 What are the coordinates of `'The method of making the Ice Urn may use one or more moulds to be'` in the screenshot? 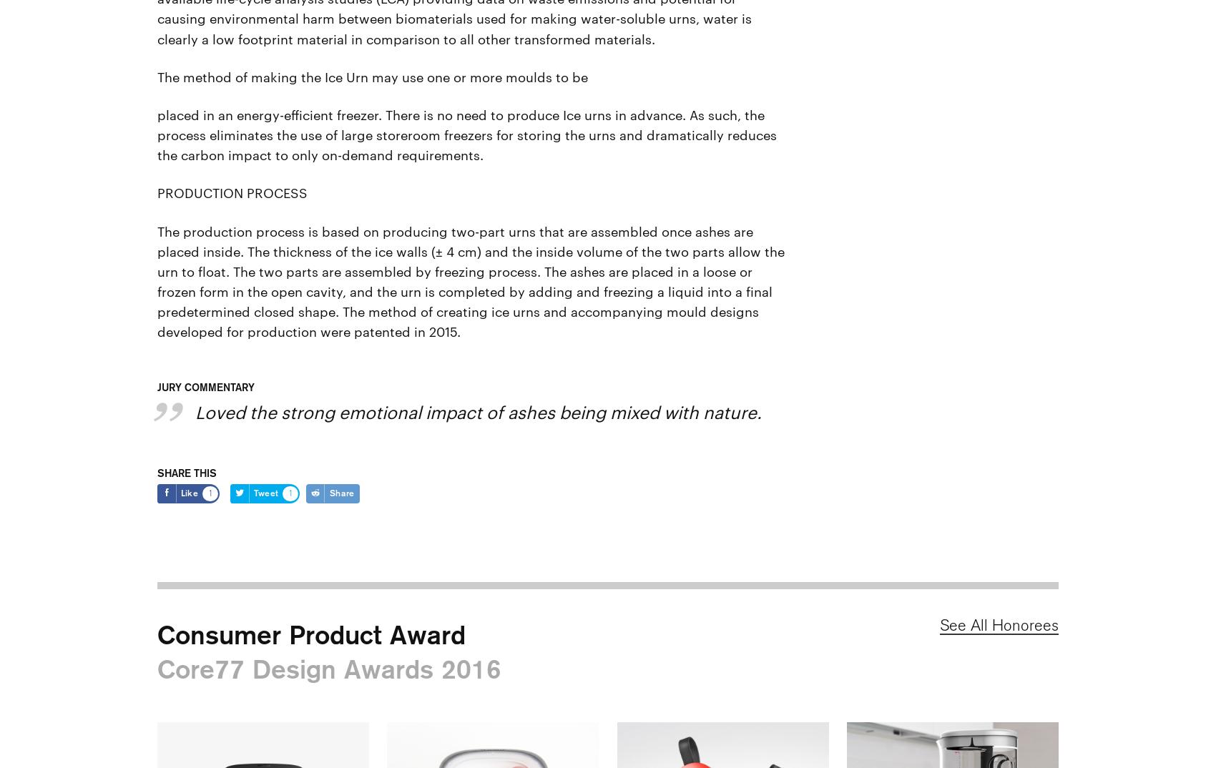 It's located at (157, 75).